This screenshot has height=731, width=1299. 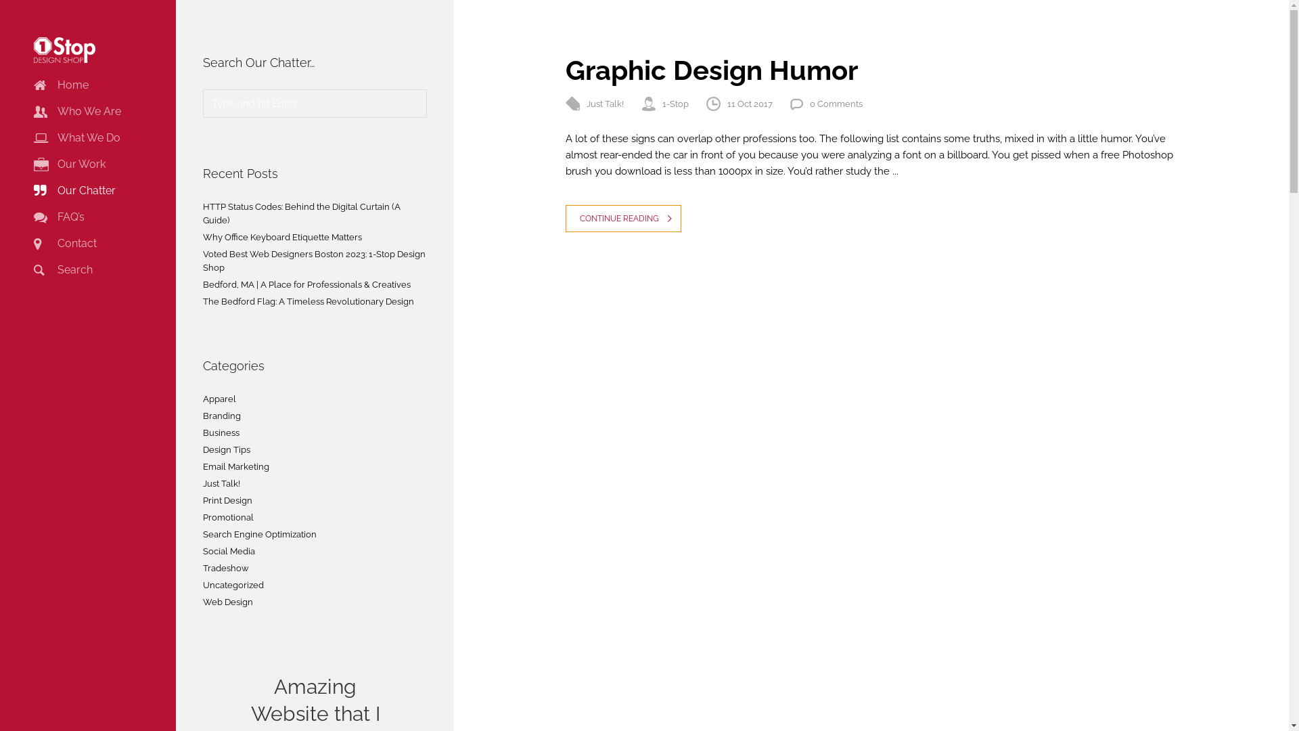 I want to click on 'Email Marketing', so click(x=236, y=466).